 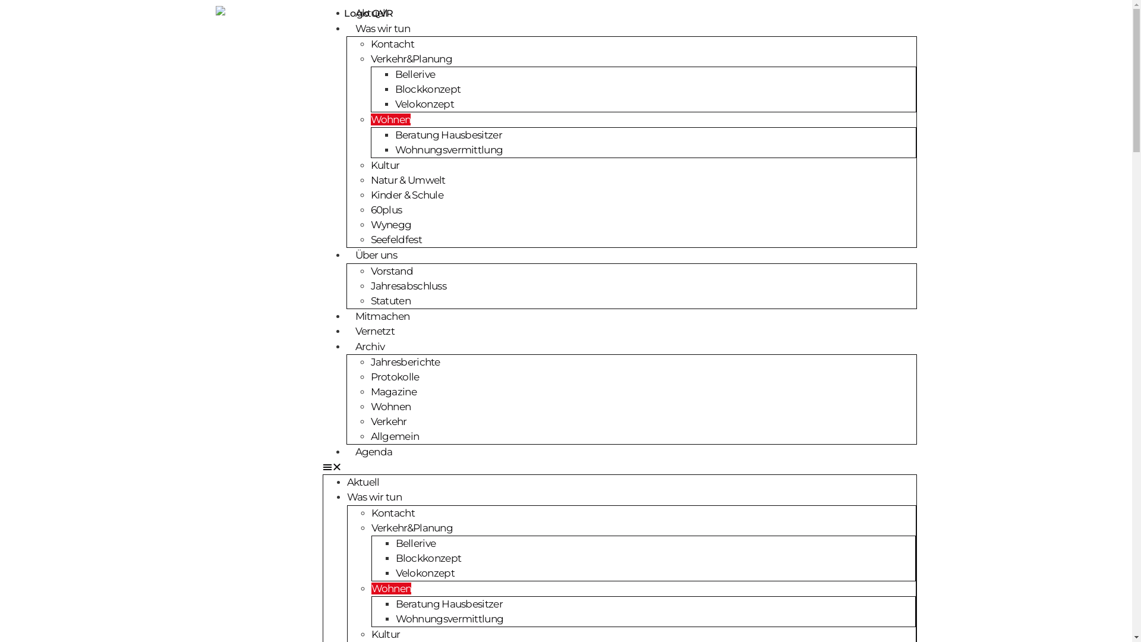 I want to click on 'Archiv', so click(x=369, y=346).